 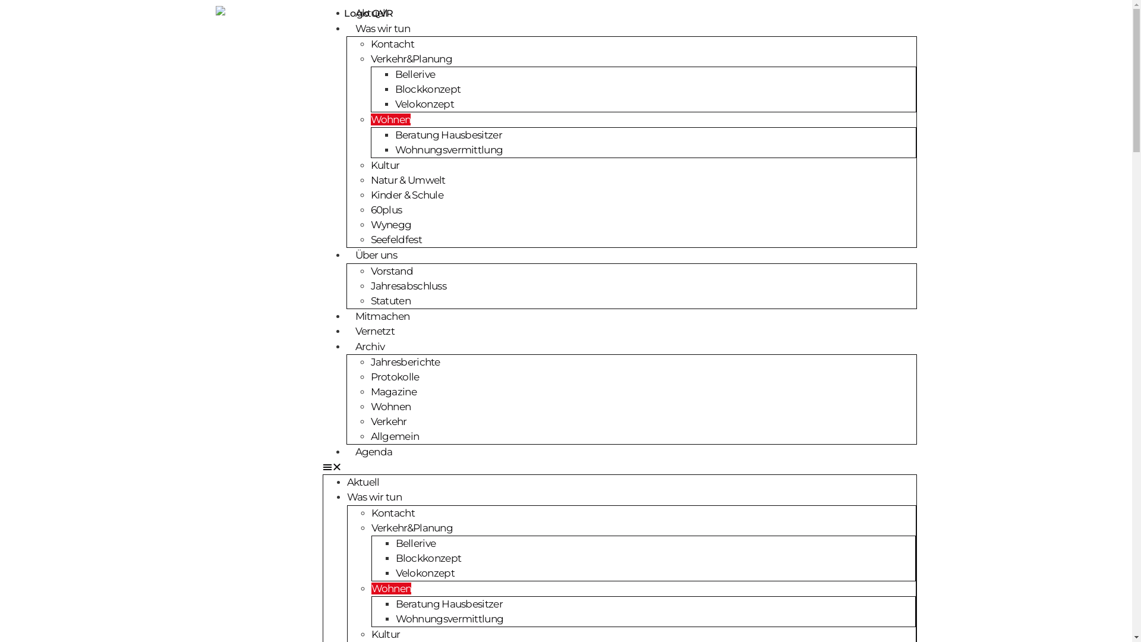 I want to click on 'Archiv', so click(x=369, y=346).